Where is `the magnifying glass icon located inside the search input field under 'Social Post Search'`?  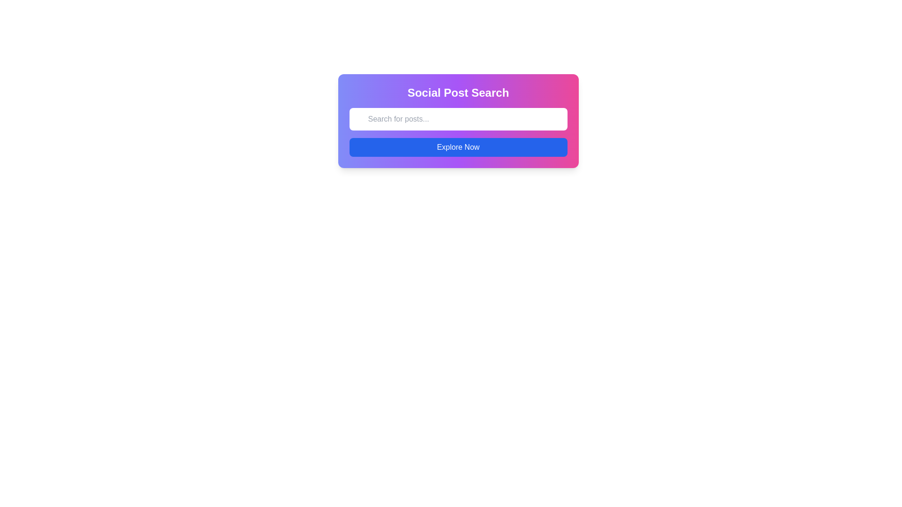 the magnifying glass icon located inside the search input field under 'Social Post Search' is located at coordinates (359, 112).